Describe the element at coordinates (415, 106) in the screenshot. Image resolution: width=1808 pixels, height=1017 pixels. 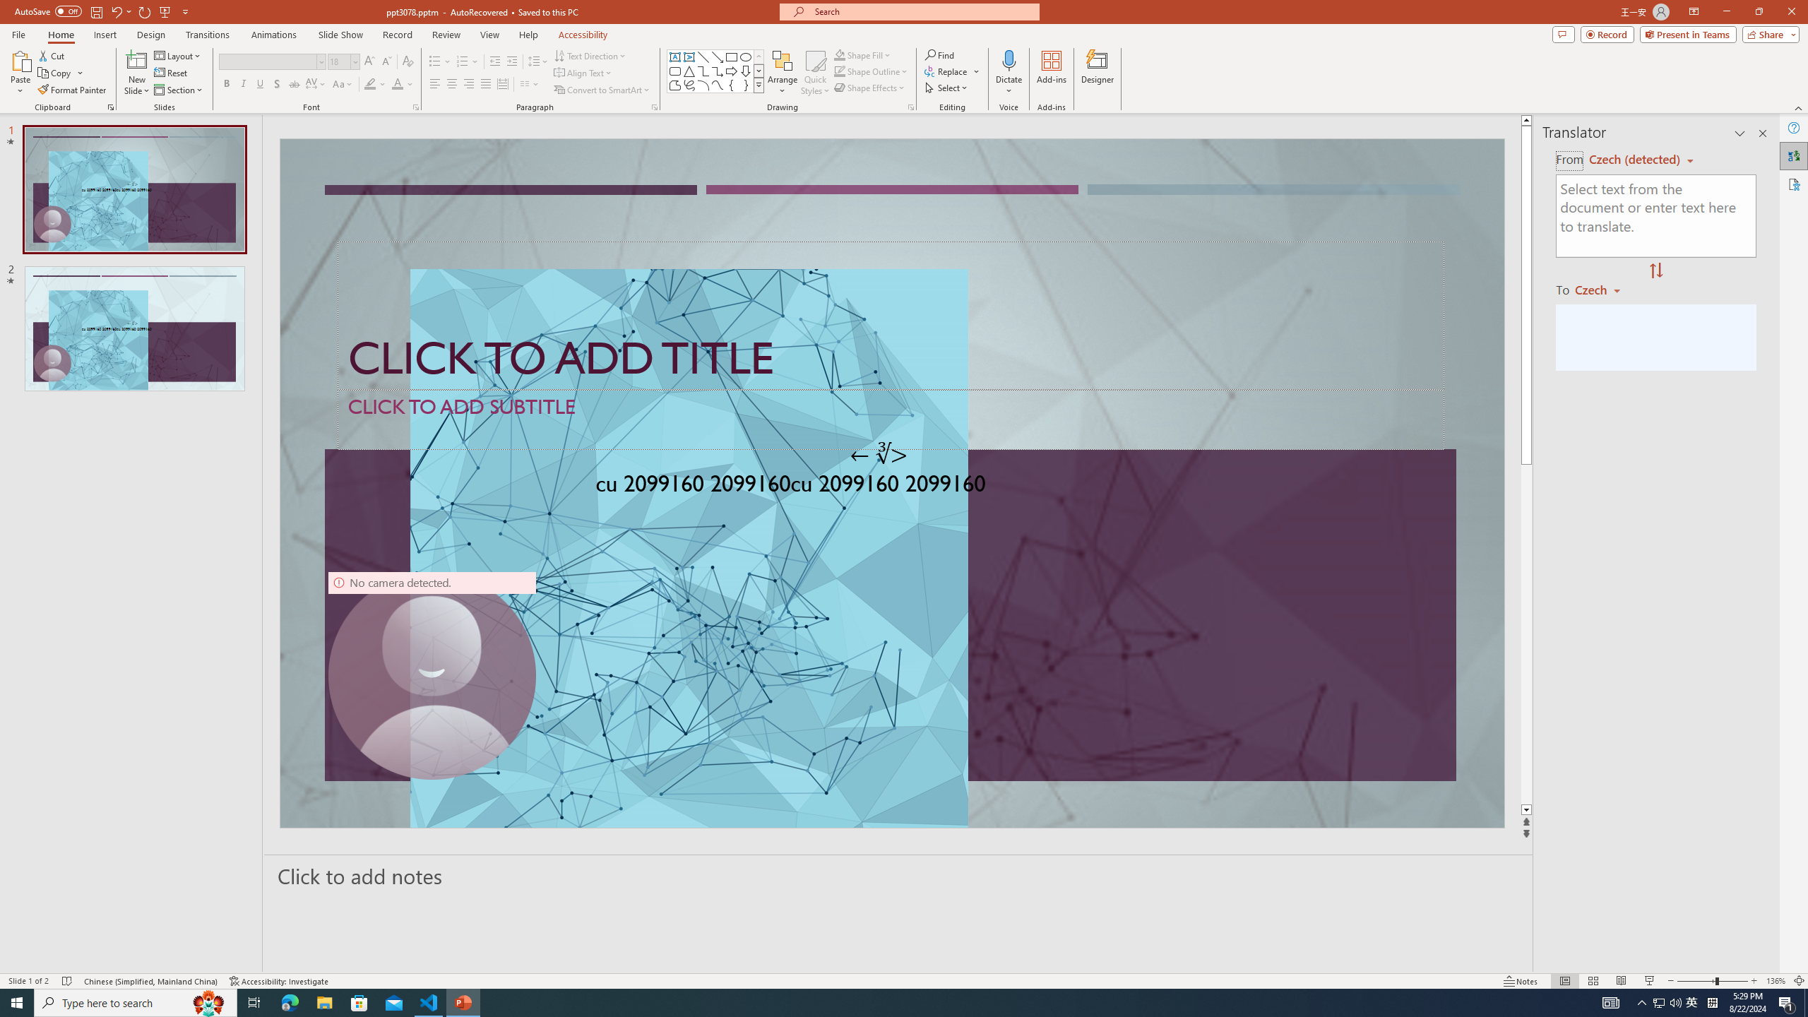
I see `'Font...'` at that location.